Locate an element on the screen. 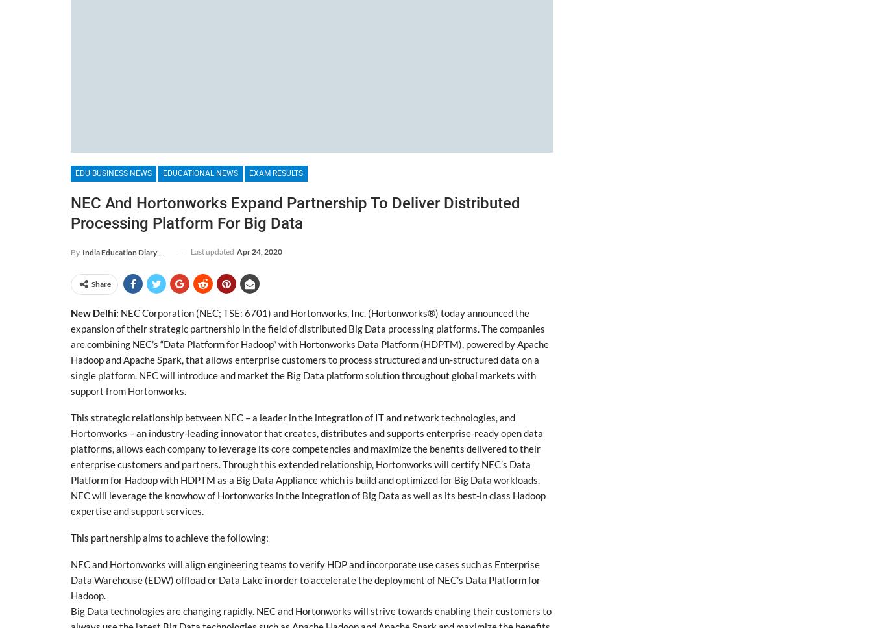 The height and width of the screenshot is (628, 876). 'By' is located at coordinates (76, 252).